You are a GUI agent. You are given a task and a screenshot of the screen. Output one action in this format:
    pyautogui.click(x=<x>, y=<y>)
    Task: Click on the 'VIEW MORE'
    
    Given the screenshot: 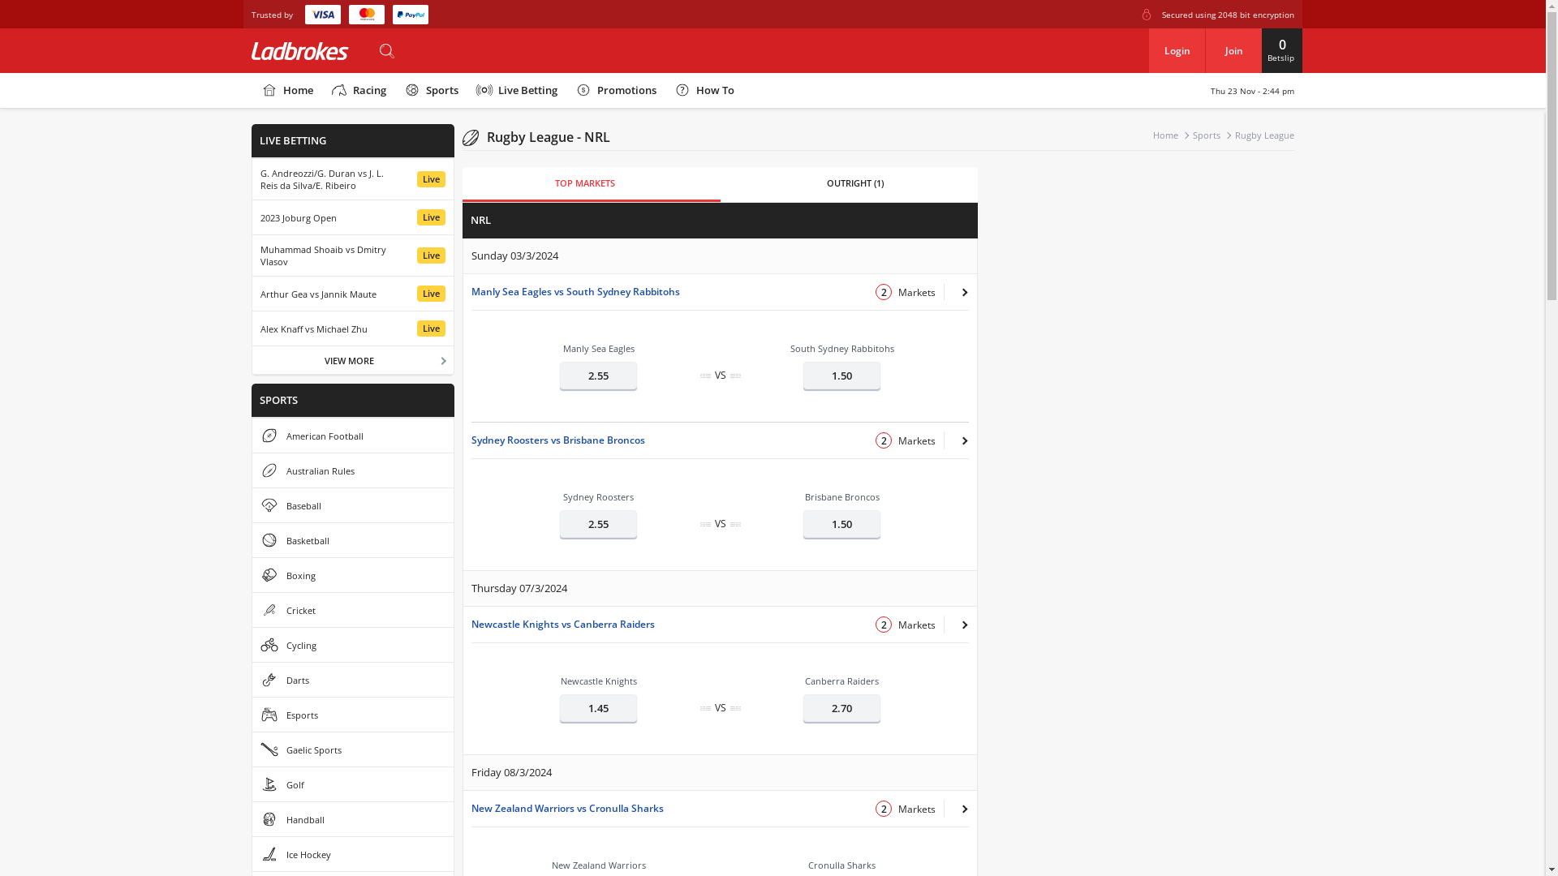 What is the action you would take?
    pyautogui.click(x=252, y=359)
    